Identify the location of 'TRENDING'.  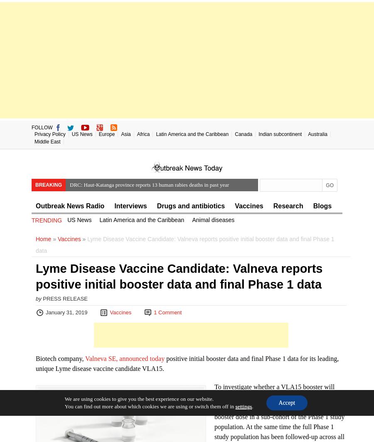
(46, 220).